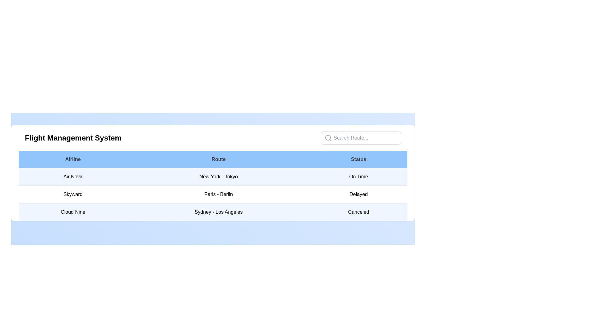 Image resolution: width=597 pixels, height=335 pixels. Describe the element at coordinates (361, 137) in the screenshot. I see `inside the search input field with the placeholder 'Search Route...' in the Flight Management System header to place the cursor` at that location.